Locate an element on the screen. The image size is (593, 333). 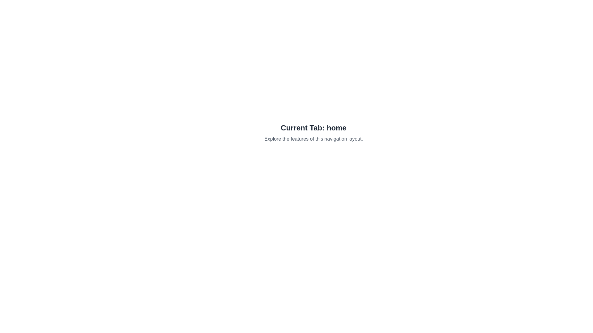
the text element that says 'Explore the features of this navigation layout.', which is styled in a smaller gray font and is located directly beneath the header 'Current Tab: home' is located at coordinates (313, 139).